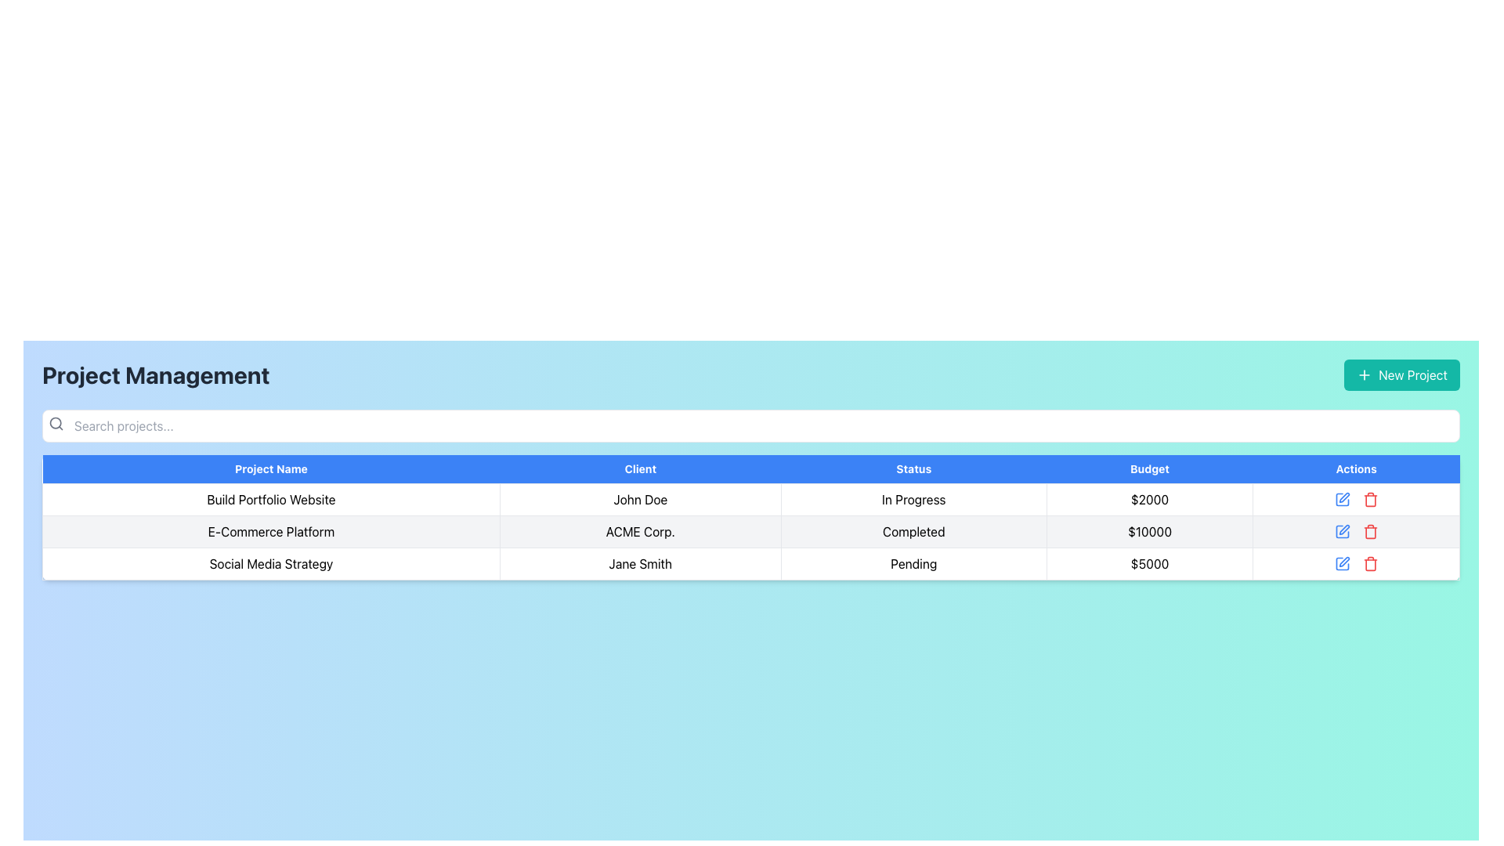  I want to click on the Static Text Label displaying the project name, located in the third row and first column of the project management table, so click(271, 564).